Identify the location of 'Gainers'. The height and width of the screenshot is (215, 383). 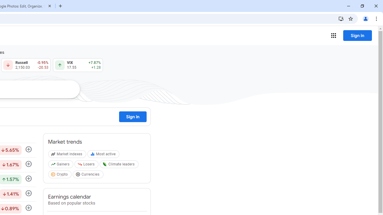
(61, 165).